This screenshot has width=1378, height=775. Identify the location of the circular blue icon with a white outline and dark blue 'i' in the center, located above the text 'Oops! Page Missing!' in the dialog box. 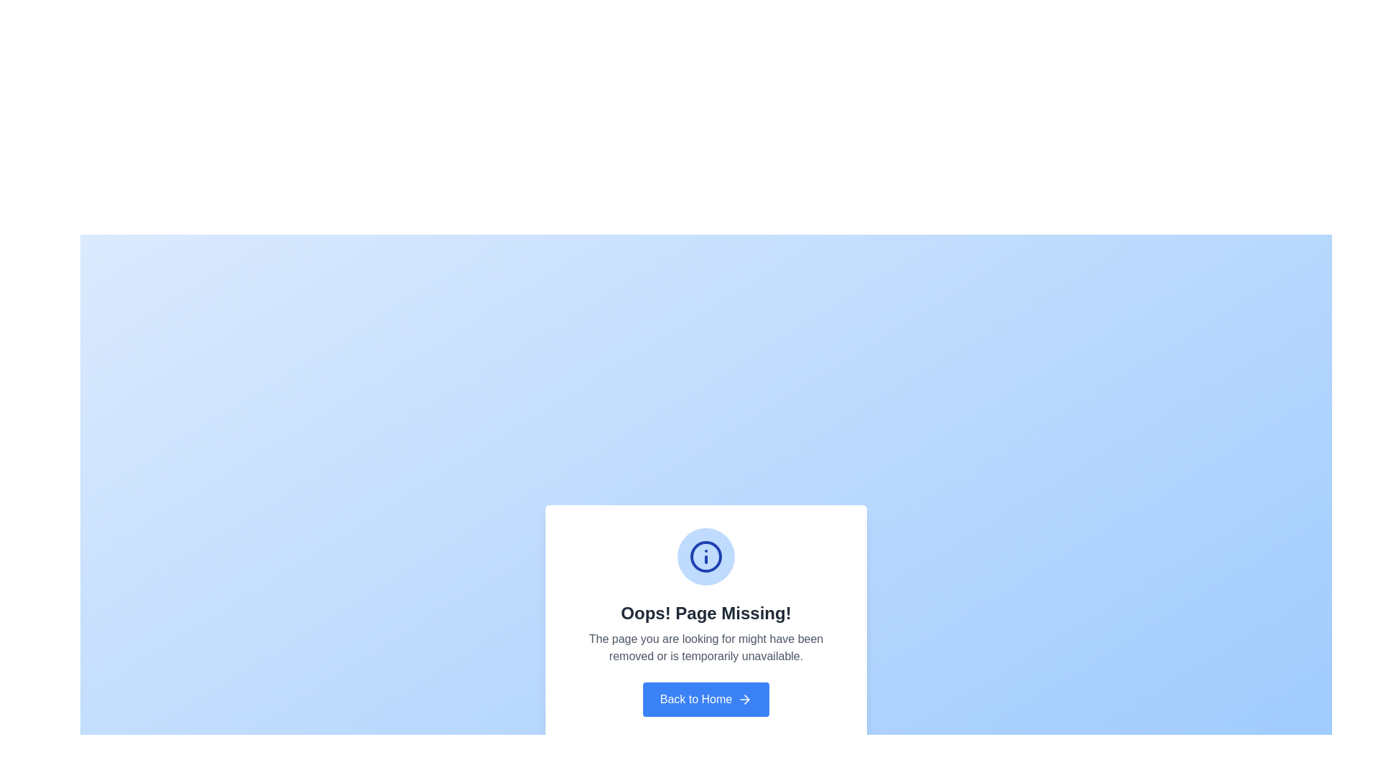
(706, 555).